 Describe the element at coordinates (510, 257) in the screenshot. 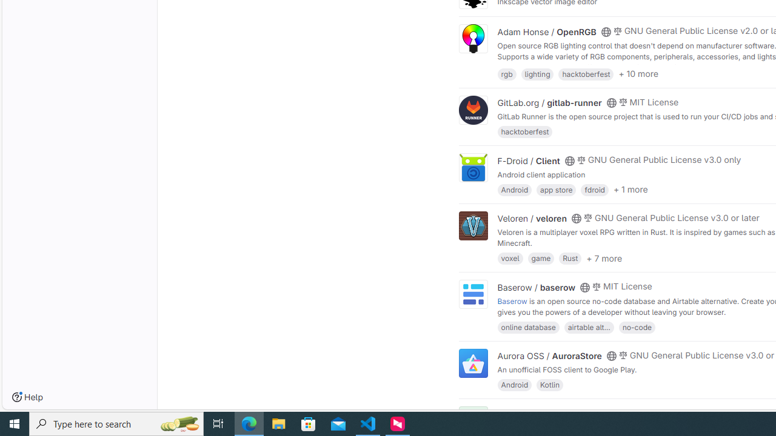

I see `'voxel'` at that location.